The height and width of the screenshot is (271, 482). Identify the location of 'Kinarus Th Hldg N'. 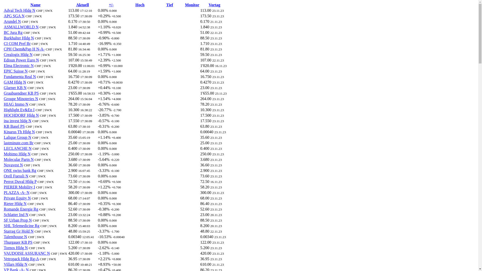
(4, 131).